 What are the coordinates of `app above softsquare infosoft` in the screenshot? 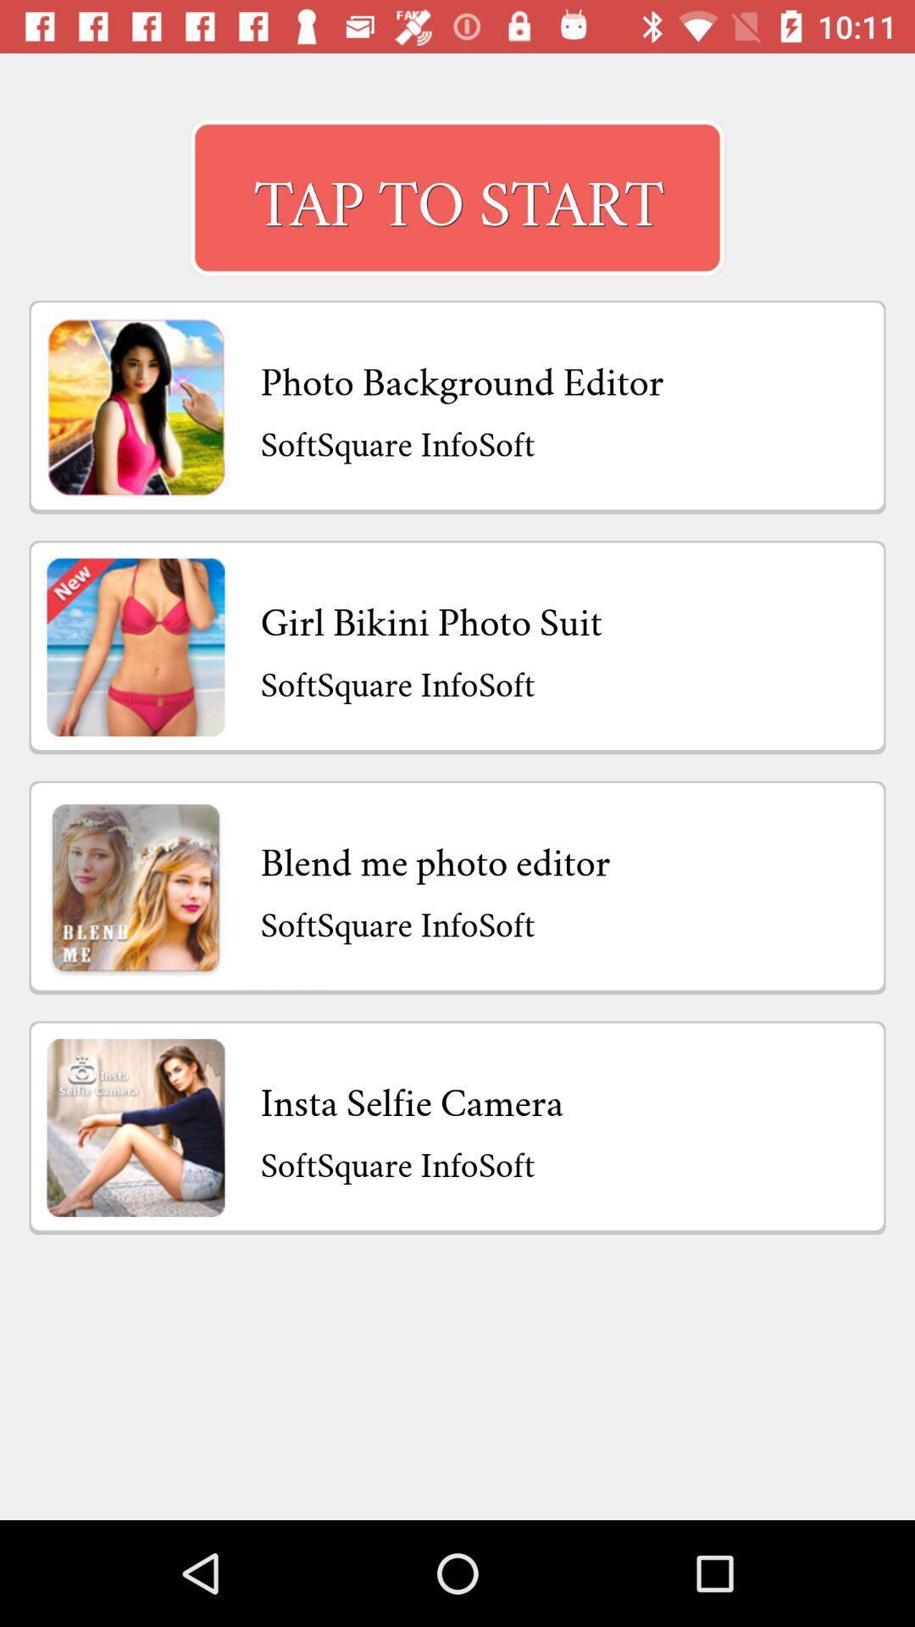 It's located at (435, 858).